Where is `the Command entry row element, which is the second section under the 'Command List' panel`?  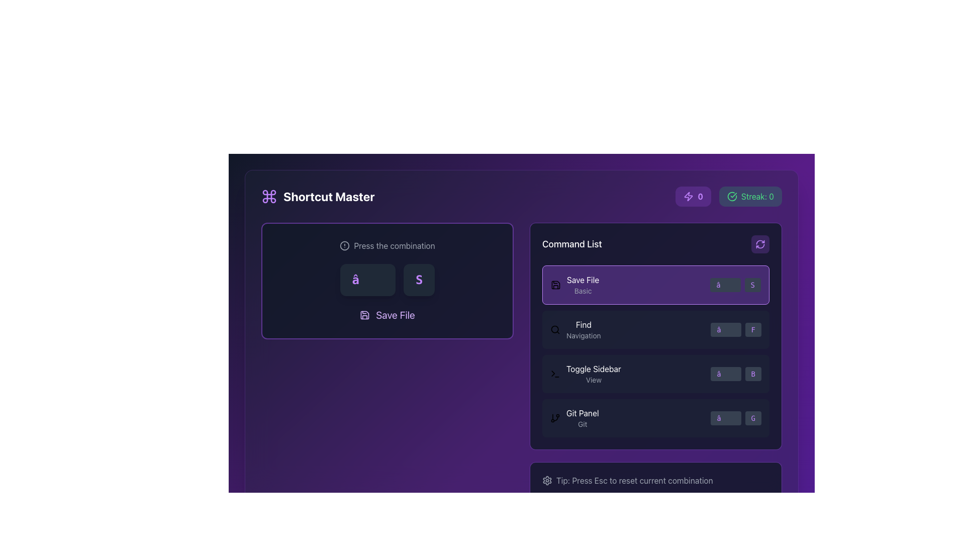
the Command entry row element, which is the second section under the 'Command List' panel is located at coordinates (656, 329).